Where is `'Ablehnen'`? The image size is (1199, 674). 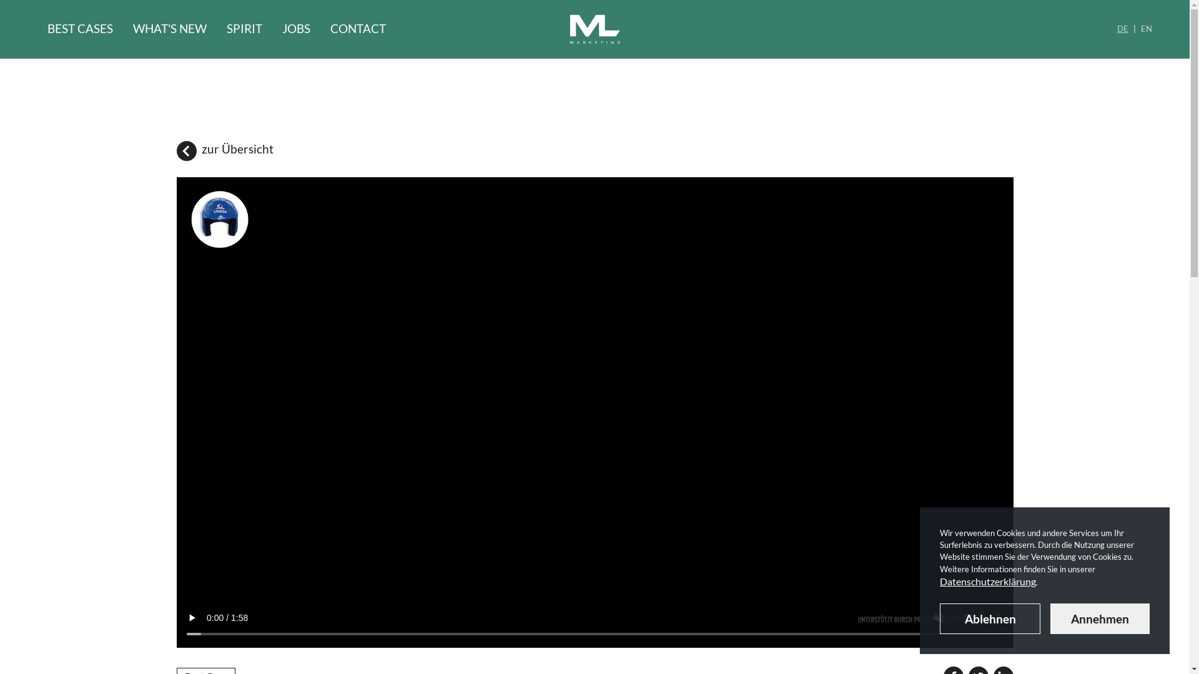 'Ablehnen' is located at coordinates (940, 618).